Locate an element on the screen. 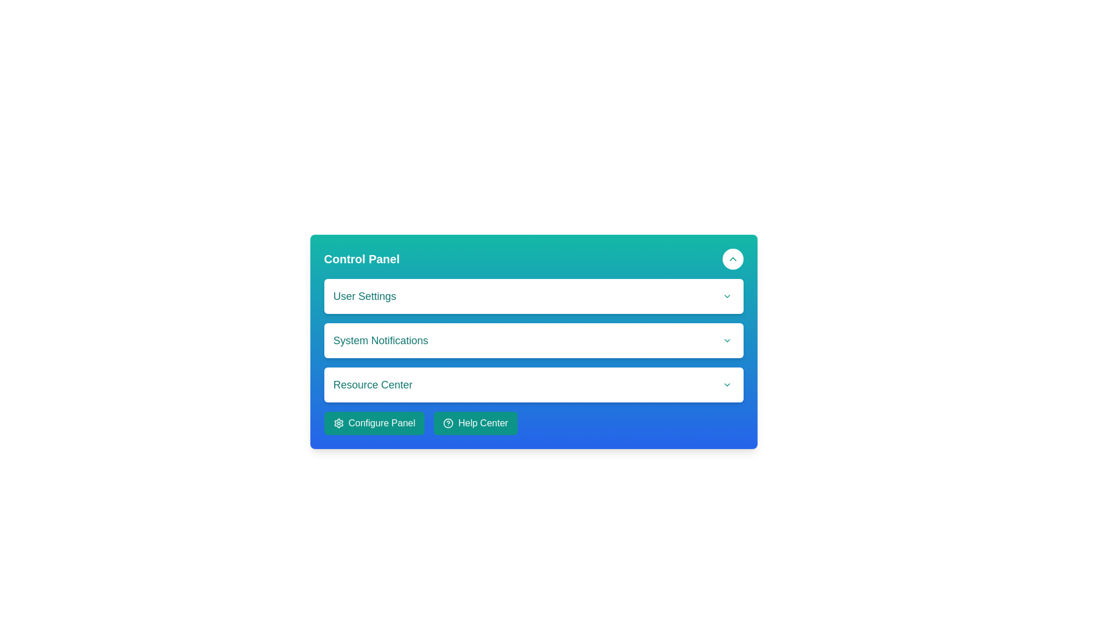  the chevron icon located in the top-right corner of the panel, adjacent to the text header is located at coordinates (732, 258).